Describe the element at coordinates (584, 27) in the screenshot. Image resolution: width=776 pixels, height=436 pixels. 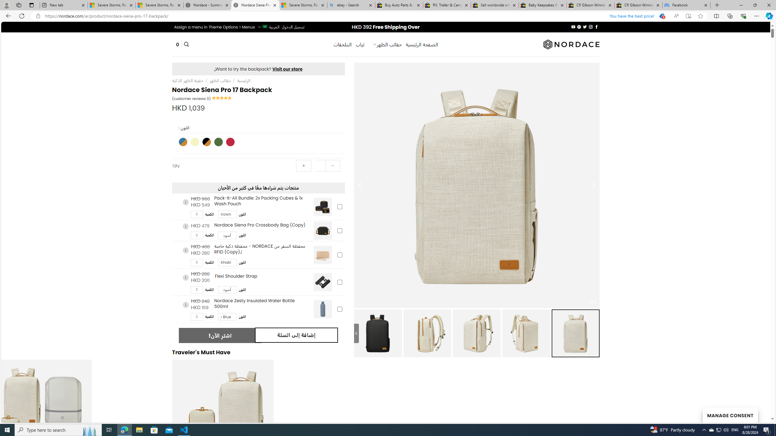
I see `'Follow on Twitter'` at that location.